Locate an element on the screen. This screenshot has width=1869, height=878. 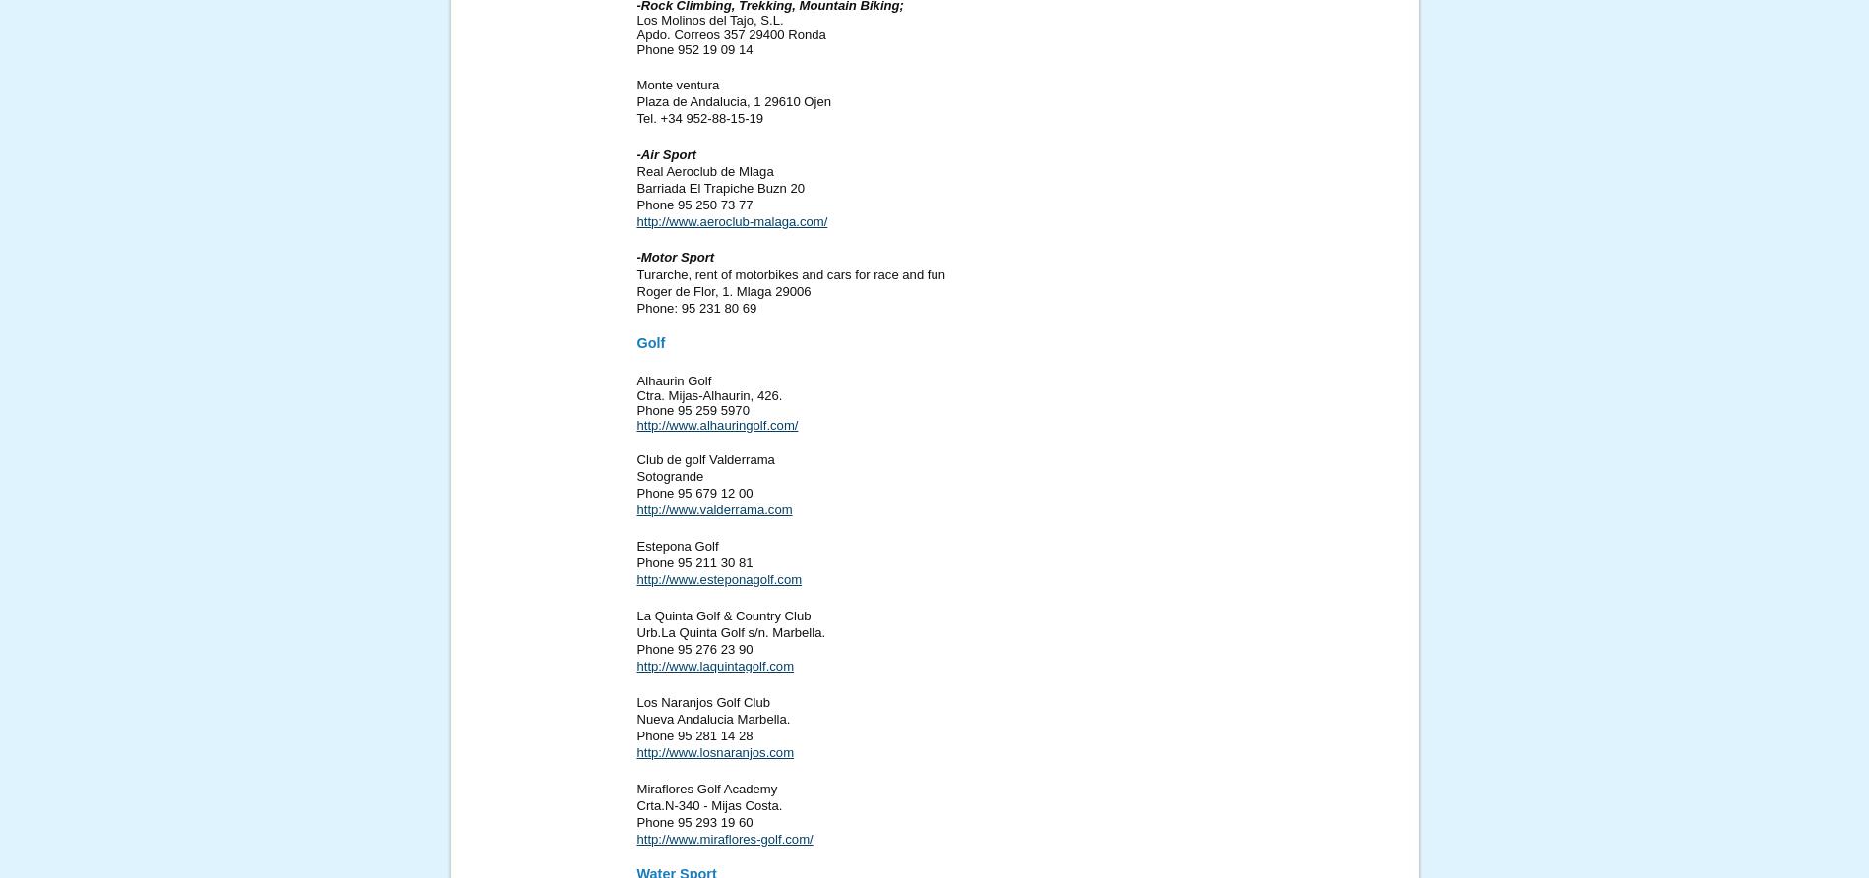
'La Quinta Golf & Country Club' is located at coordinates (722, 615).